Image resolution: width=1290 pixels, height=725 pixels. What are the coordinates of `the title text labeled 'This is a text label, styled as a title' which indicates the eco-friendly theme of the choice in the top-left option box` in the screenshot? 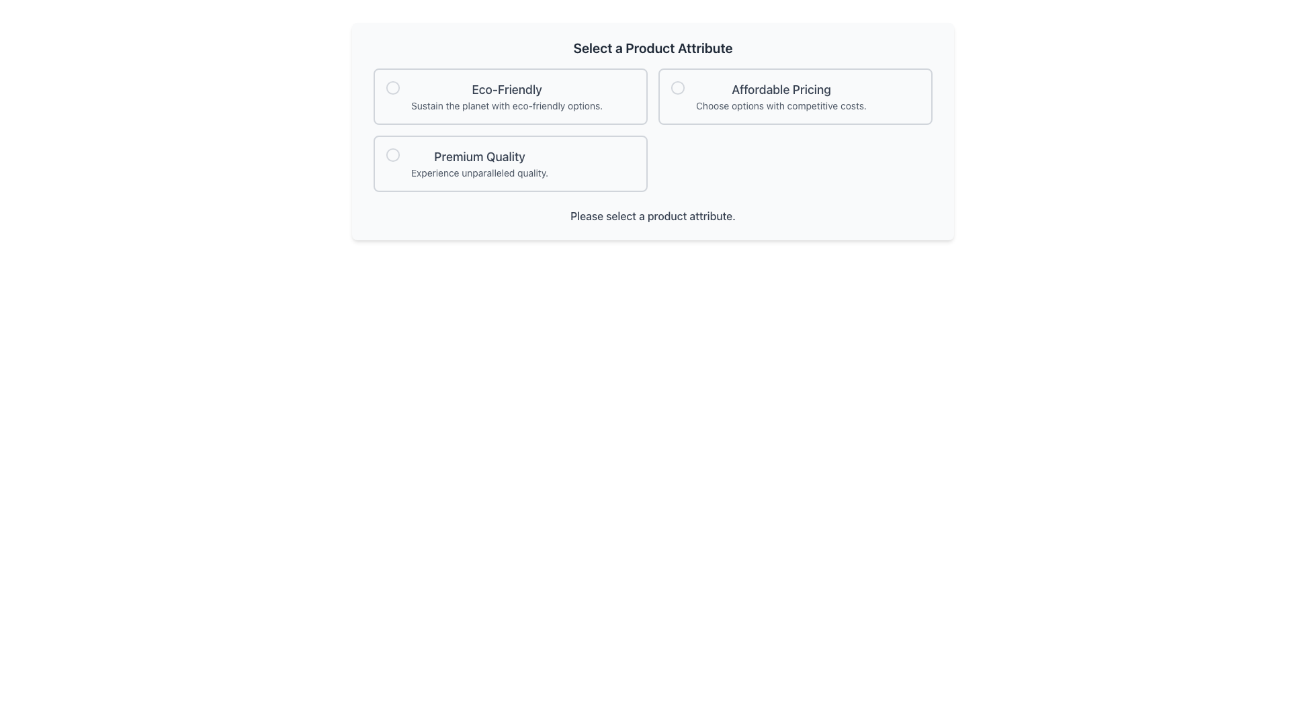 It's located at (506, 90).